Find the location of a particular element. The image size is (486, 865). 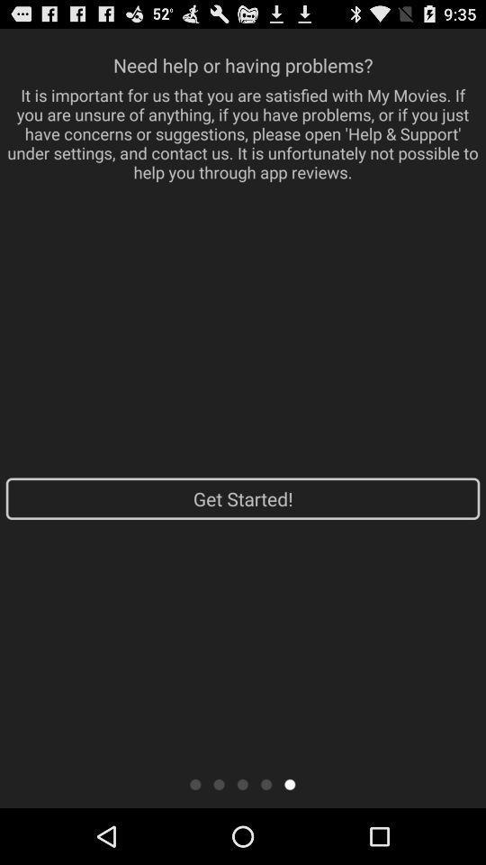

icon below get started! app is located at coordinates (290, 783).